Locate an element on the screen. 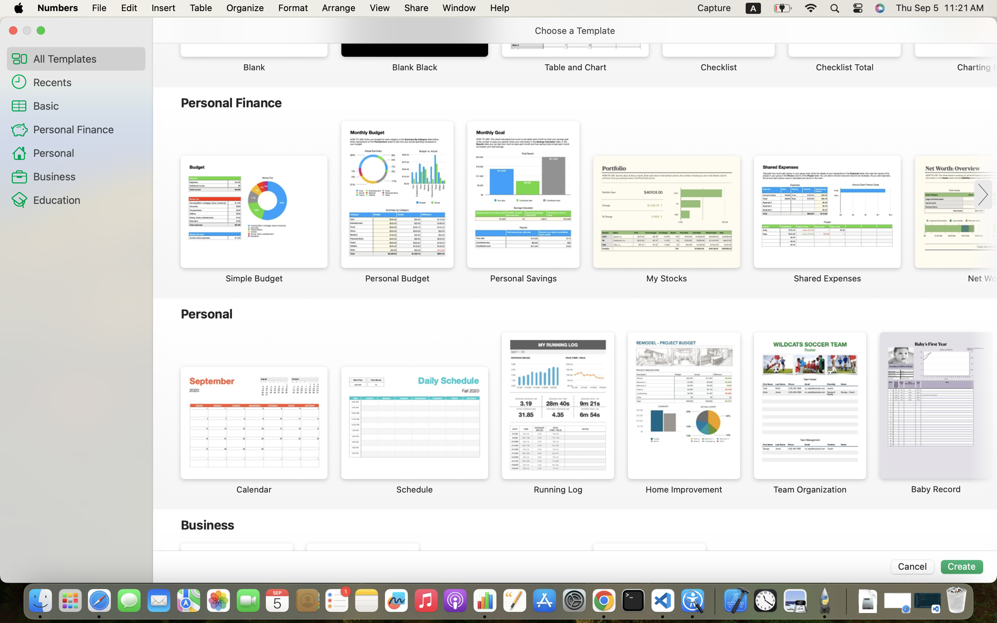 The width and height of the screenshot is (997, 623). 'All Templates' is located at coordinates (86, 58).